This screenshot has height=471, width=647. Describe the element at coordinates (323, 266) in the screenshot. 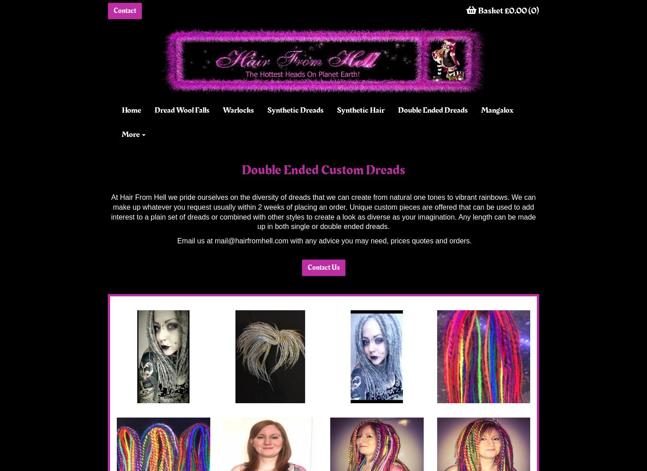

I see `'Contact Us'` at that location.